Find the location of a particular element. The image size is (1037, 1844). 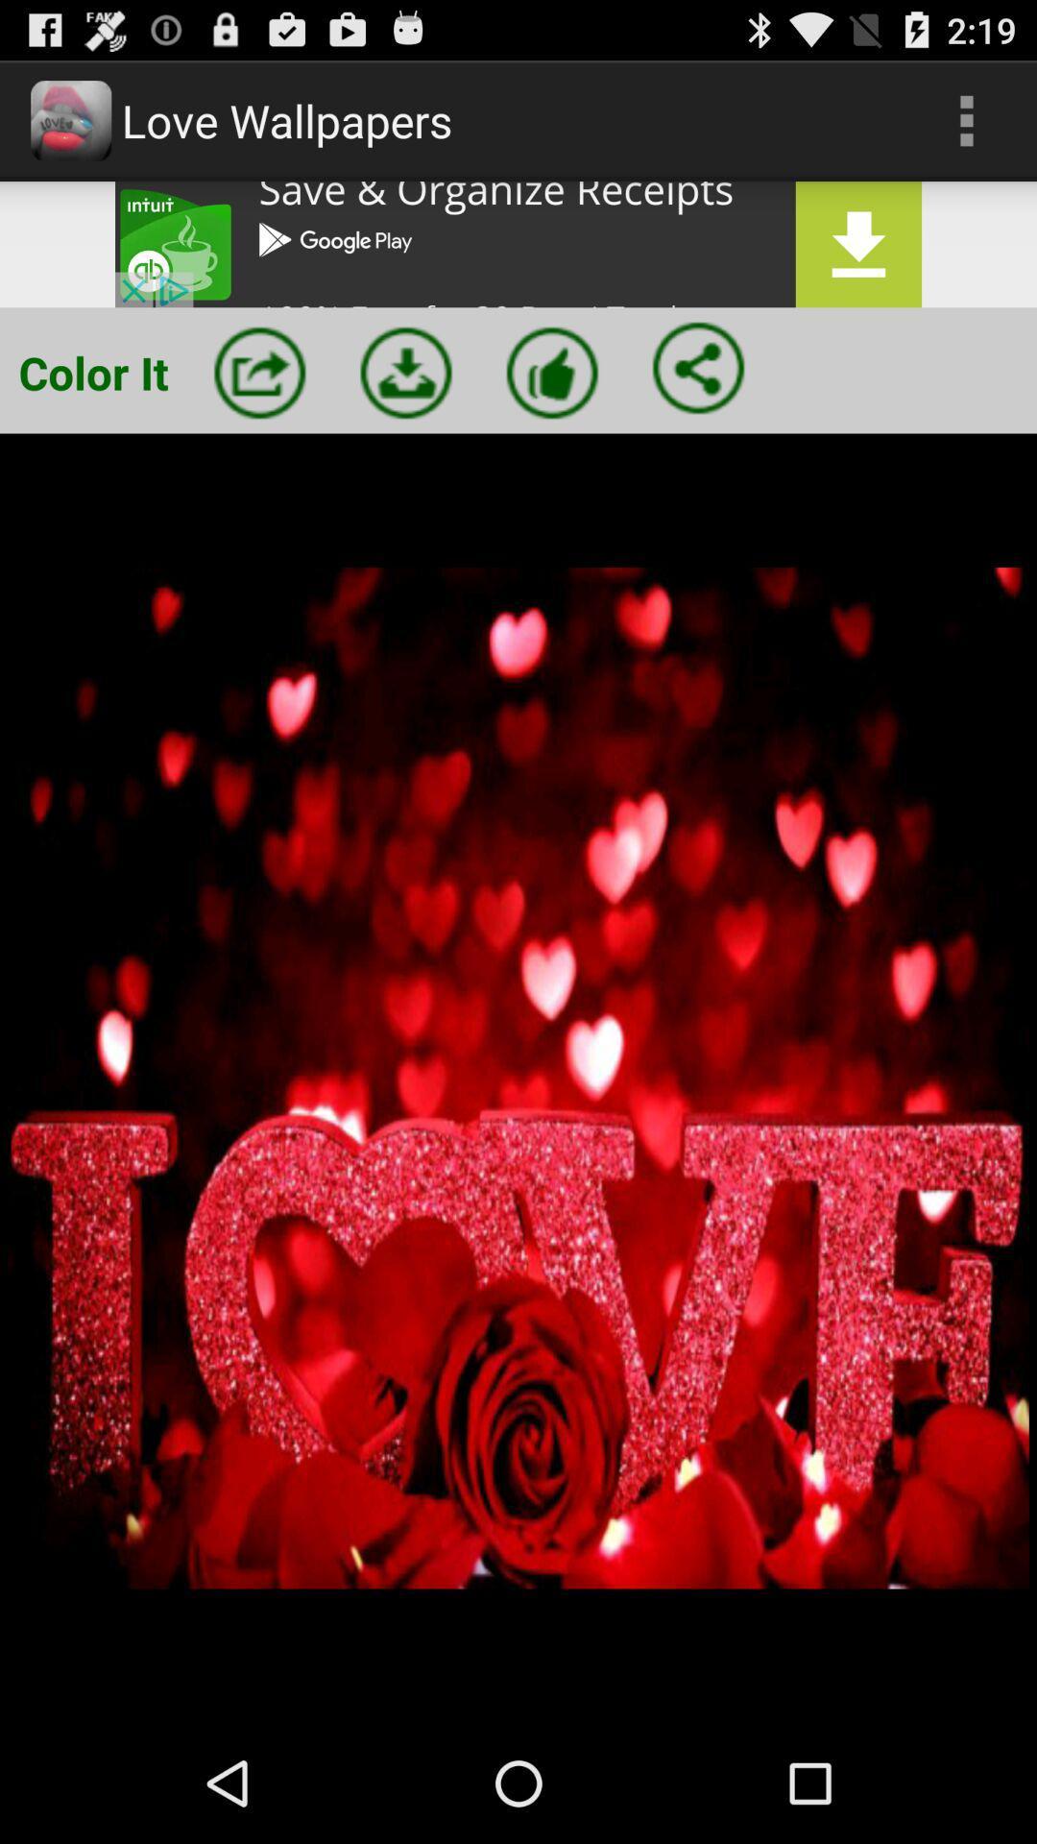

launch advertisement is located at coordinates (518, 243).